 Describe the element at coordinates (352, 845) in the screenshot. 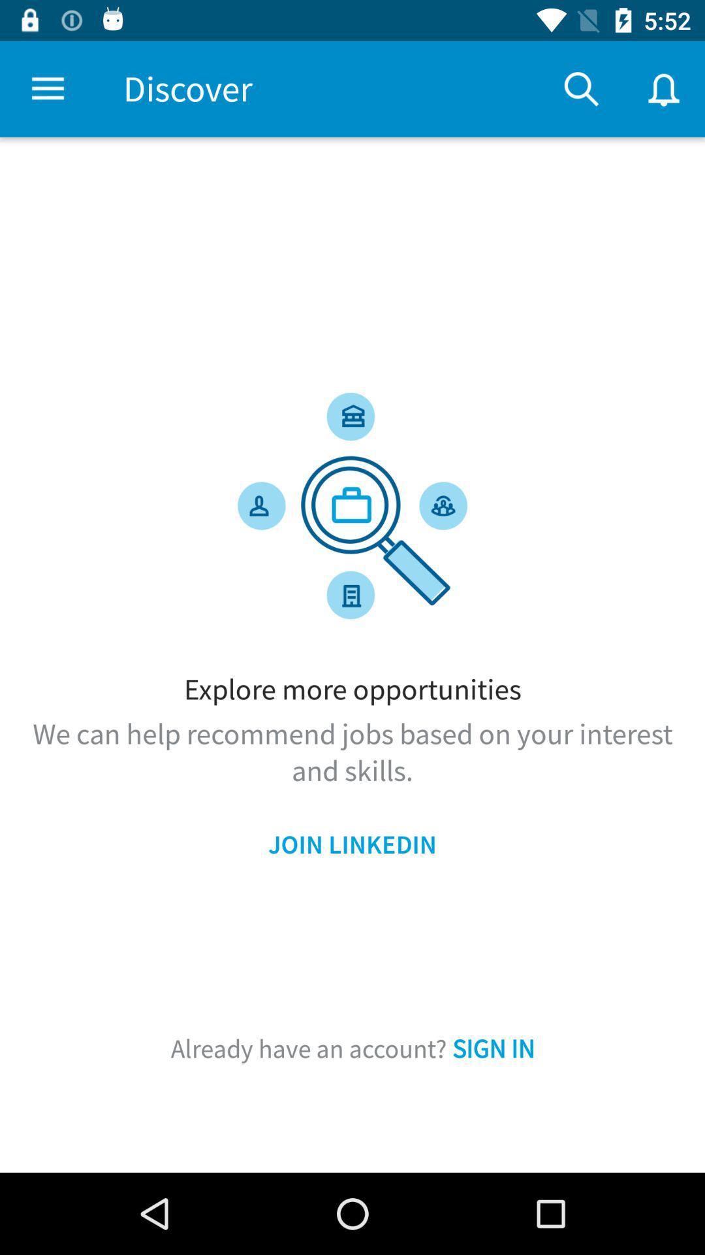

I see `the icon above the already have an icon` at that location.